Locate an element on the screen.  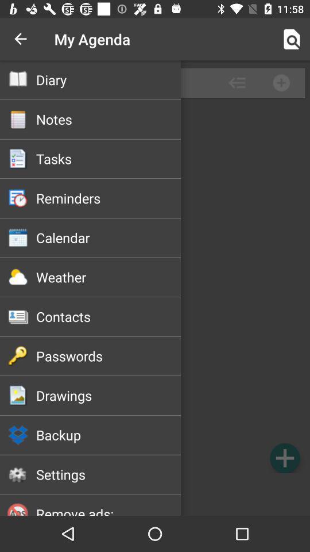
remove advertisements is located at coordinates (155, 495).